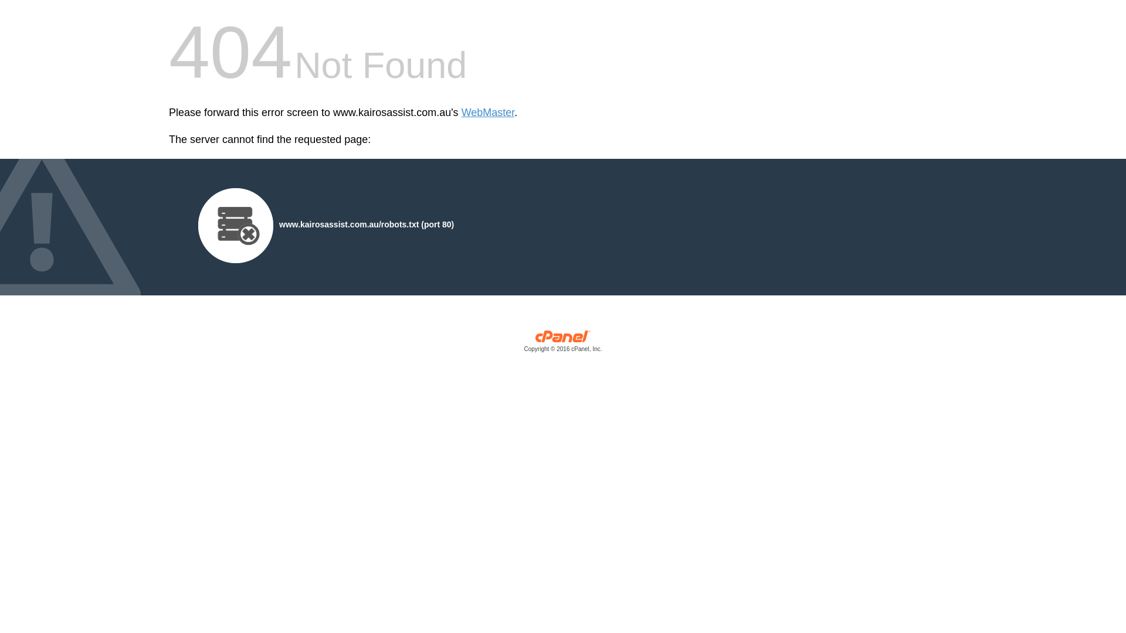 Image resolution: width=1126 pixels, height=633 pixels. What do you see at coordinates (488, 113) in the screenshot?
I see `'WebMaster'` at bounding box center [488, 113].